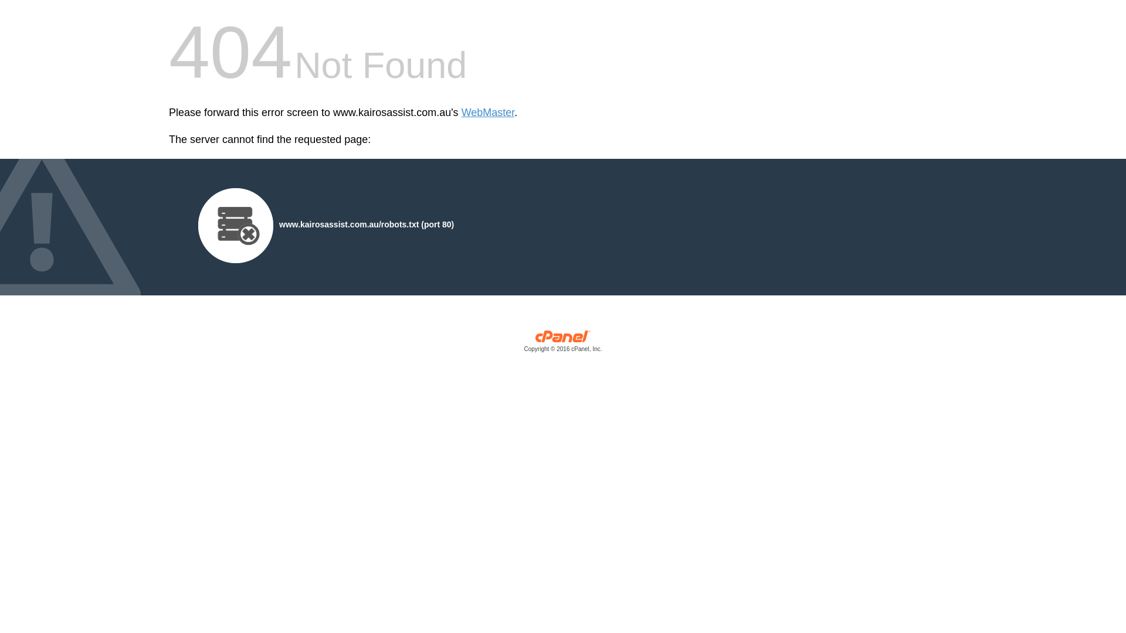 Image resolution: width=1126 pixels, height=633 pixels. What do you see at coordinates (488, 113) in the screenshot?
I see `'WebMaster'` at bounding box center [488, 113].